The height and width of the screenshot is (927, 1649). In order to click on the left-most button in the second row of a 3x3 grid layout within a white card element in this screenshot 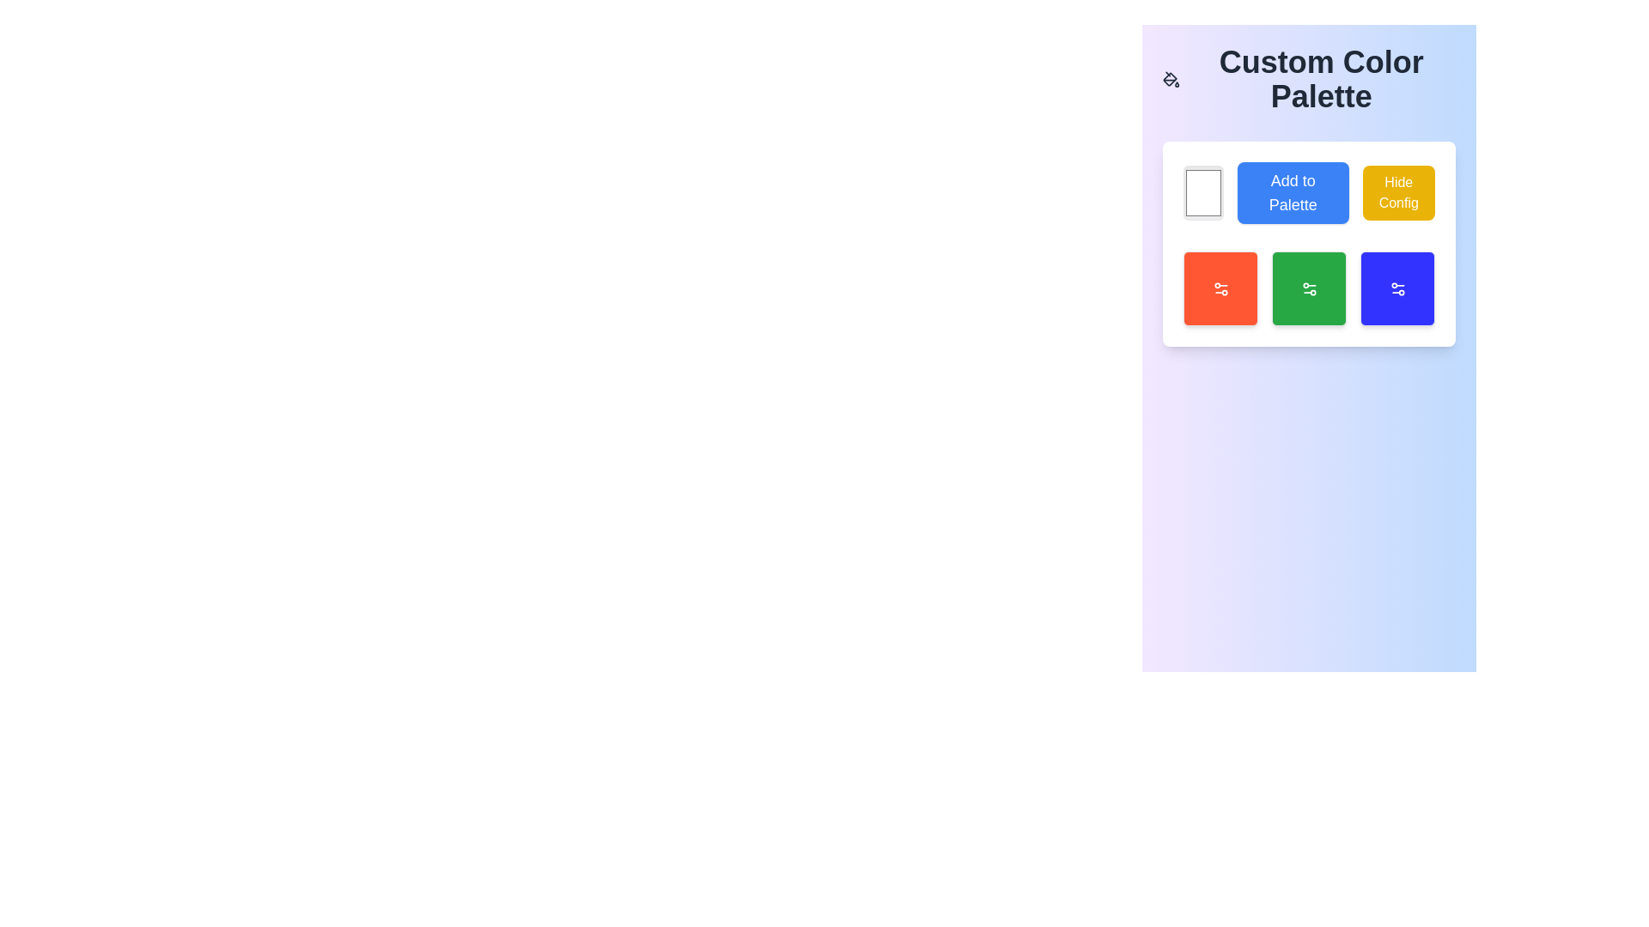, I will do `click(1220, 288)`.